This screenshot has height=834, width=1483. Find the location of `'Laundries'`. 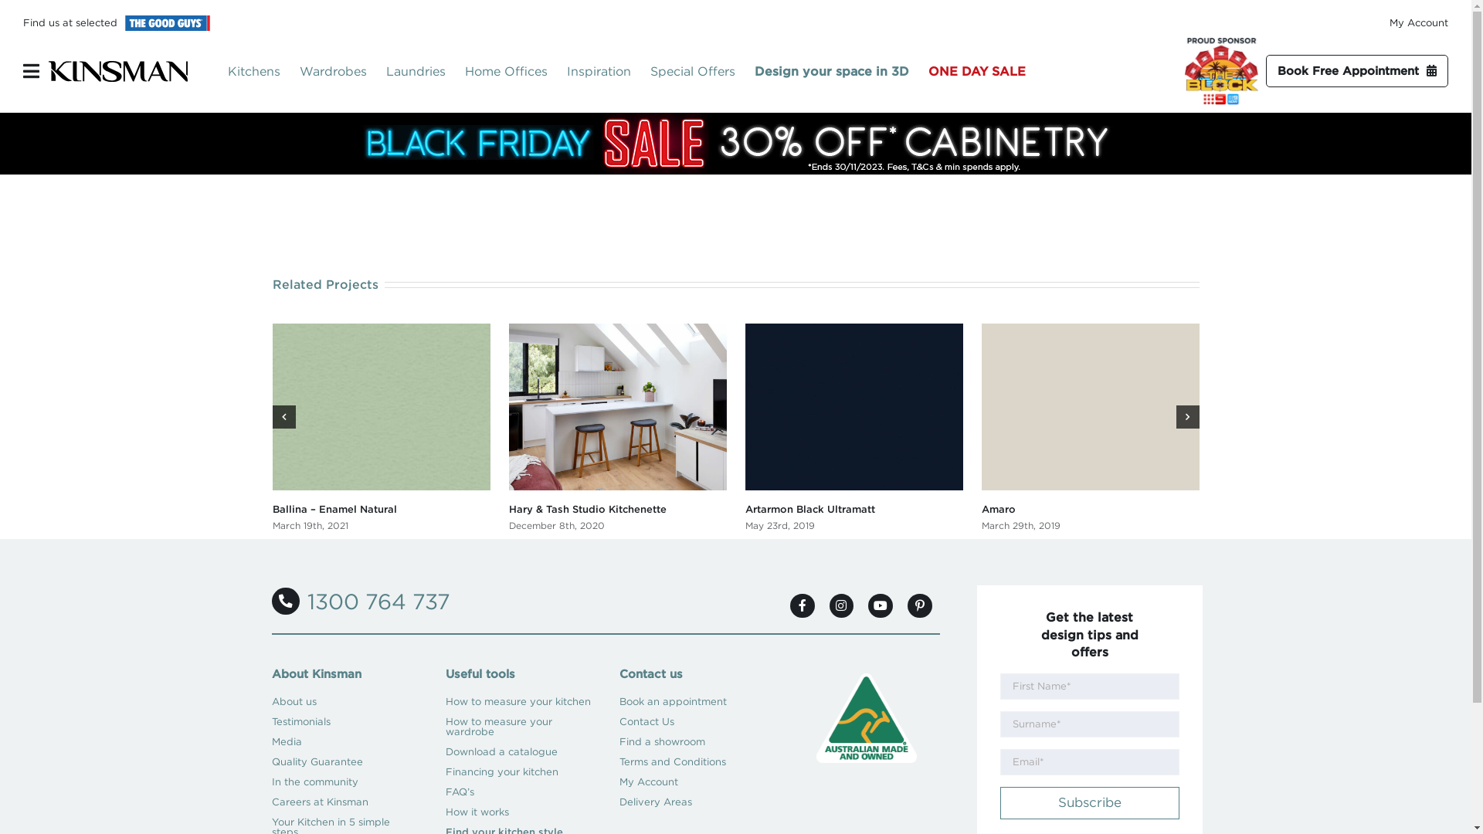

'Laundries' is located at coordinates (426, 71).